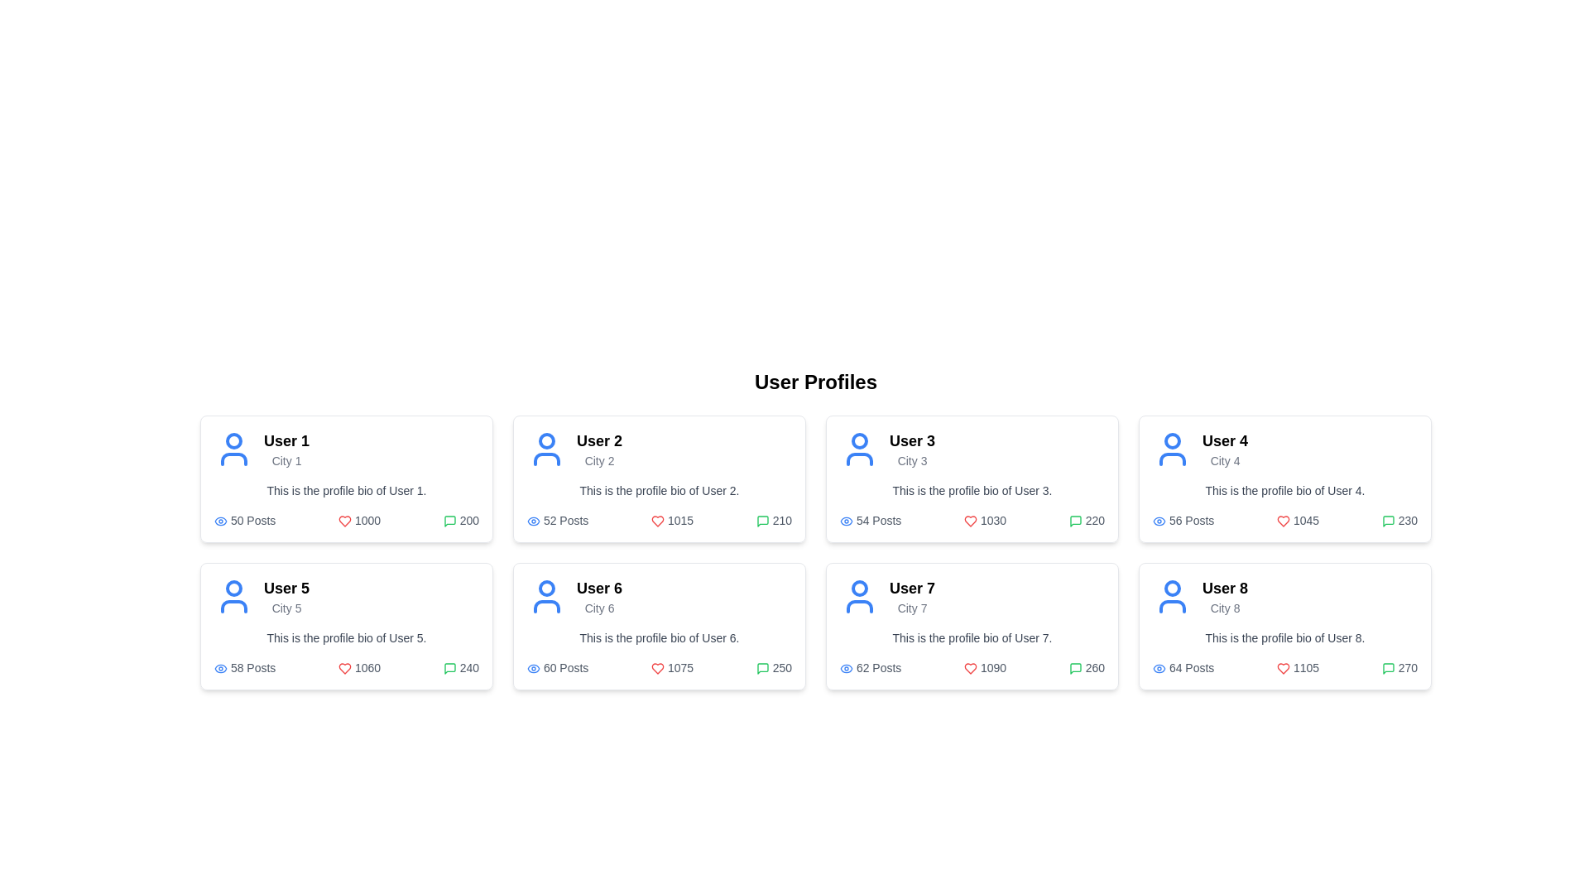  Describe the element at coordinates (658, 449) in the screenshot. I see `the Profile block component displaying 'User 2'` at that location.